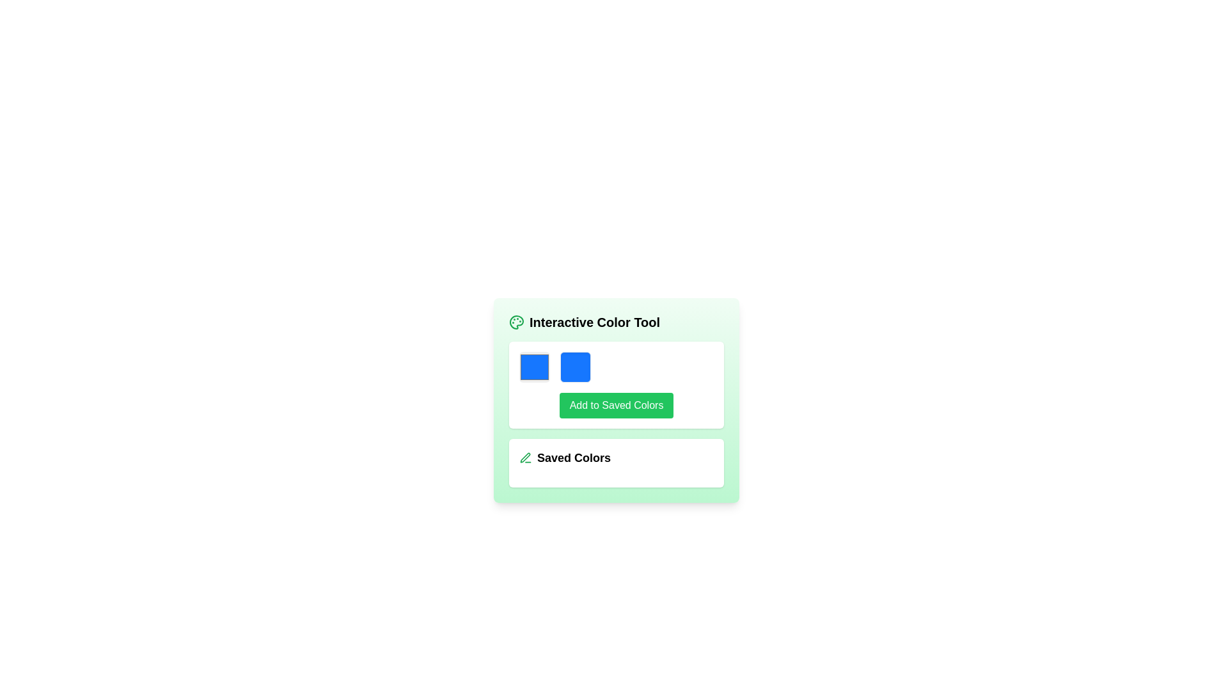  I want to click on the static visual element that is part of the 'Interactive Color Tool' palette, positioned to the right of another rounded square, so click(575, 367).